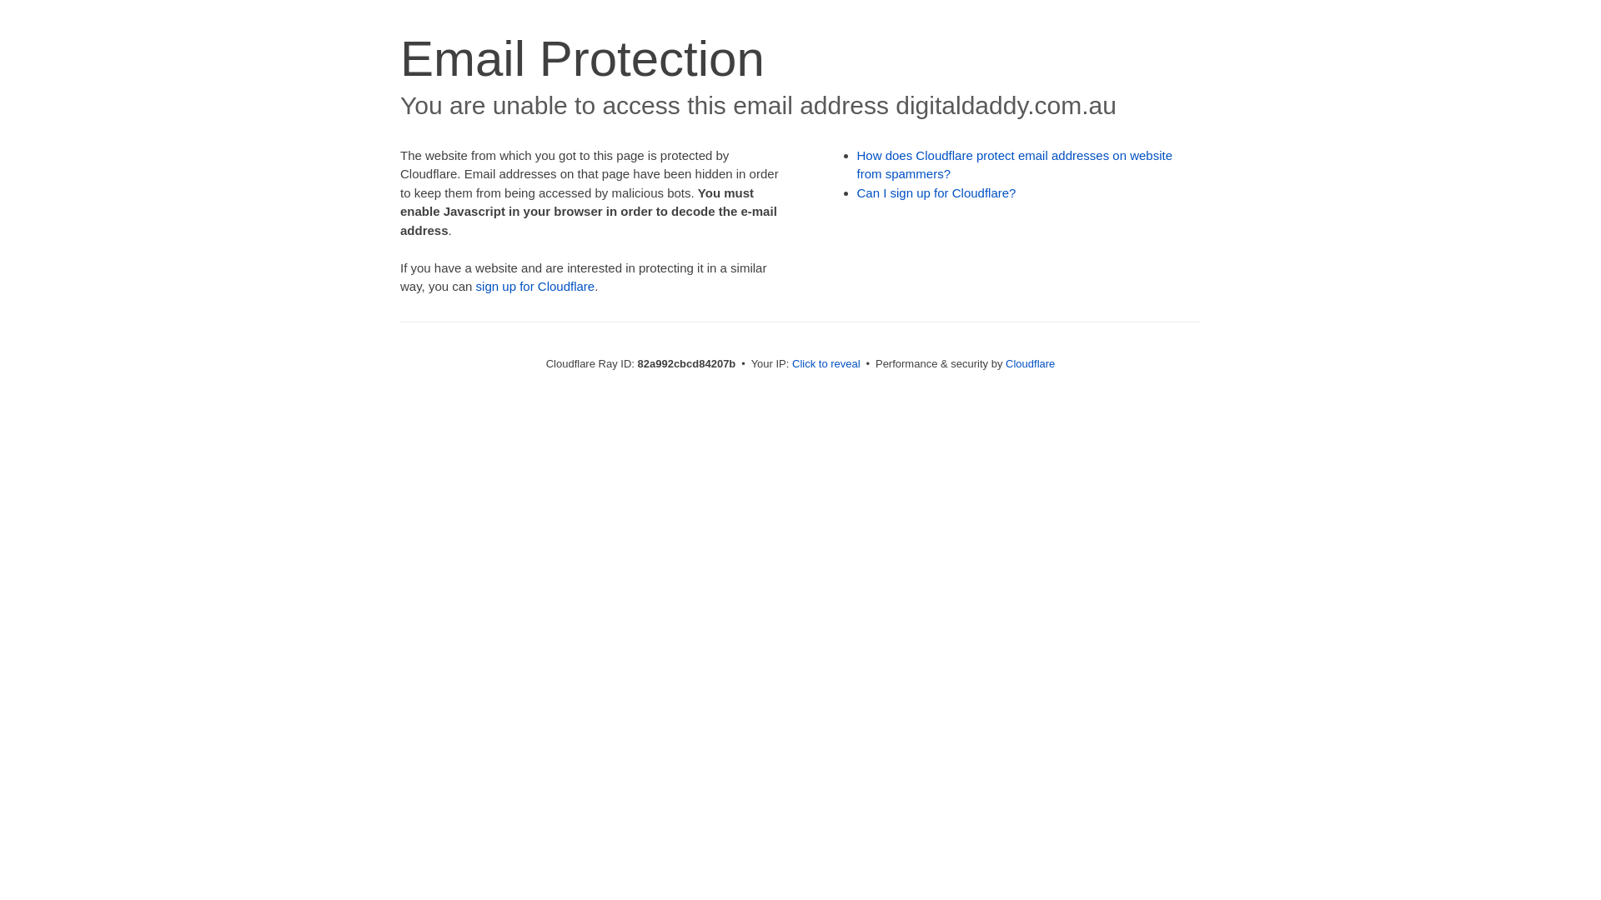  I want to click on 'Cloudflare', so click(1029, 362).